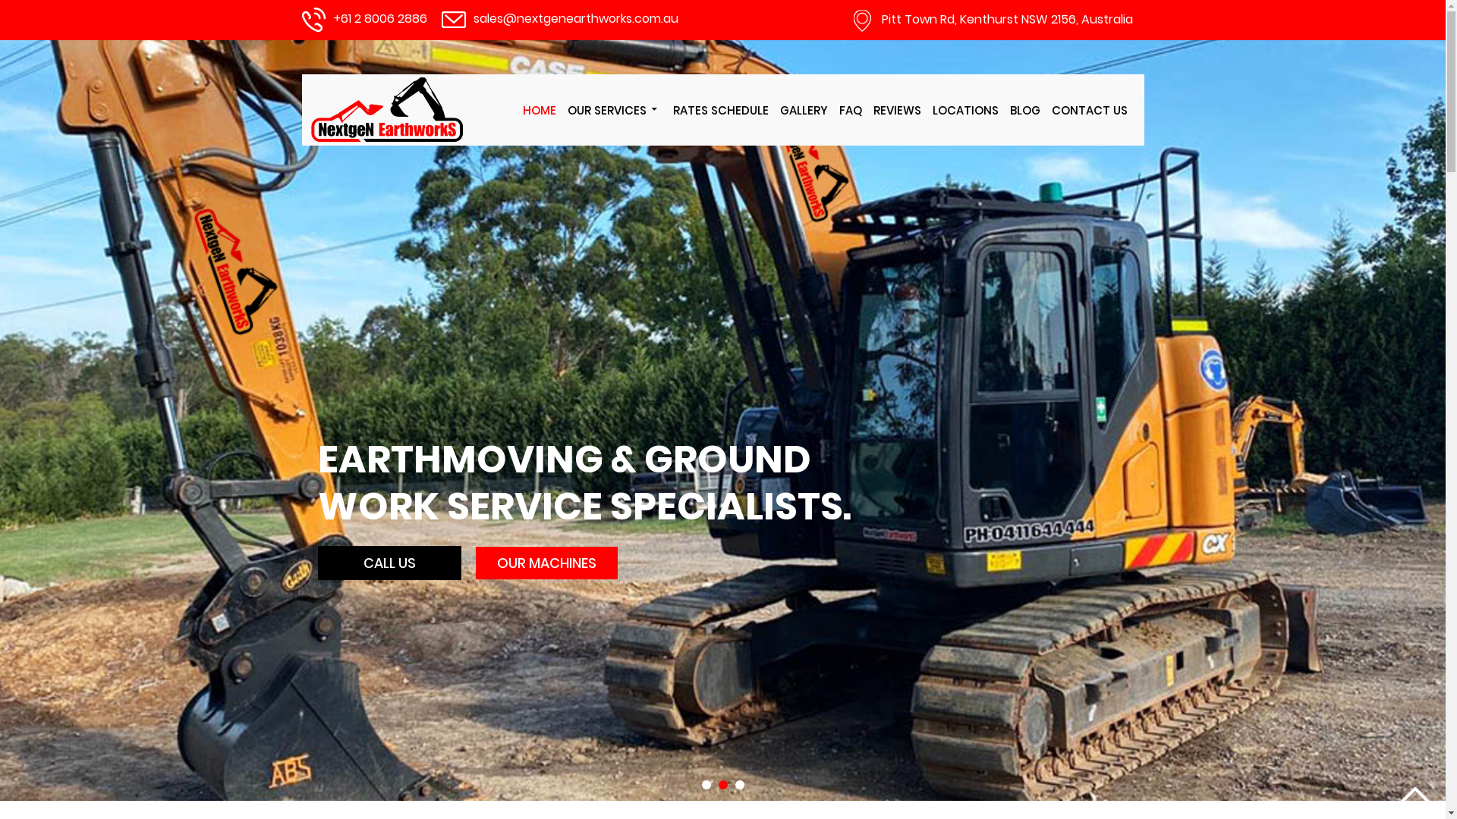 The height and width of the screenshot is (819, 1457). What do you see at coordinates (517, 109) in the screenshot?
I see `'HOME'` at bounding box center [517, 109].